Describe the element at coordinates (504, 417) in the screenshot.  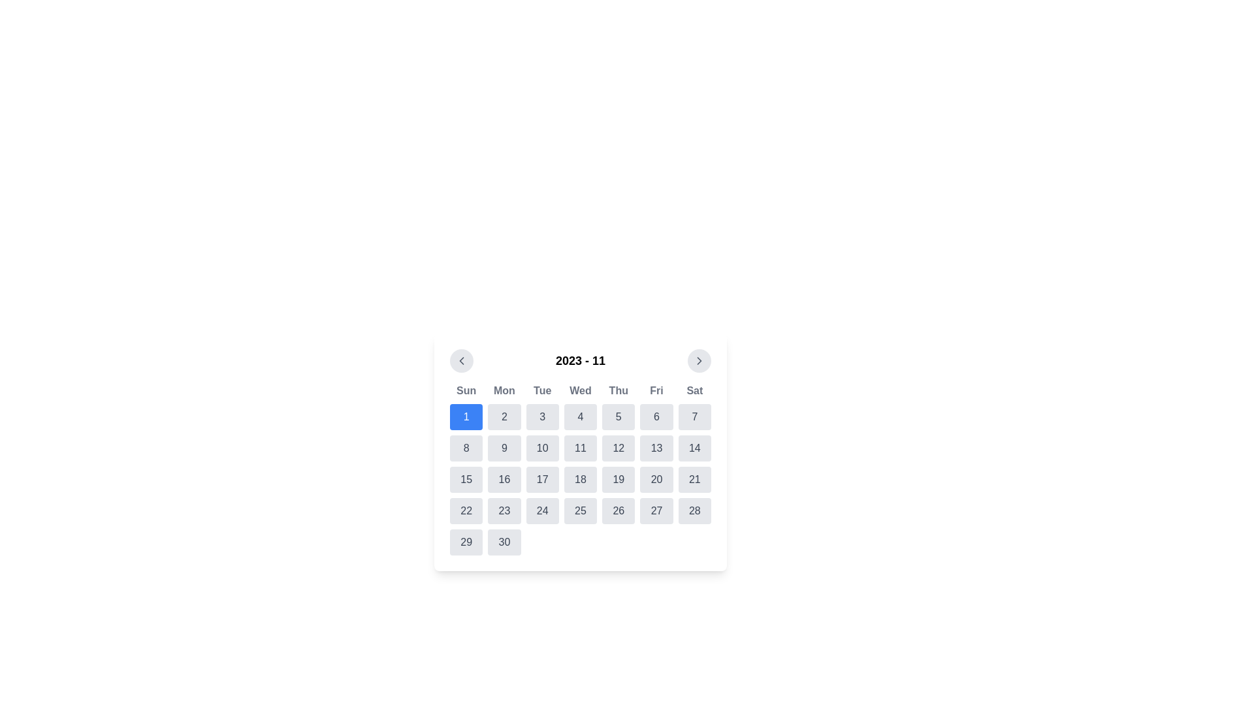
I see `the second button in the first row of a 7-column grid layout, which displays the number '2' centered in dark gray text` at that location.